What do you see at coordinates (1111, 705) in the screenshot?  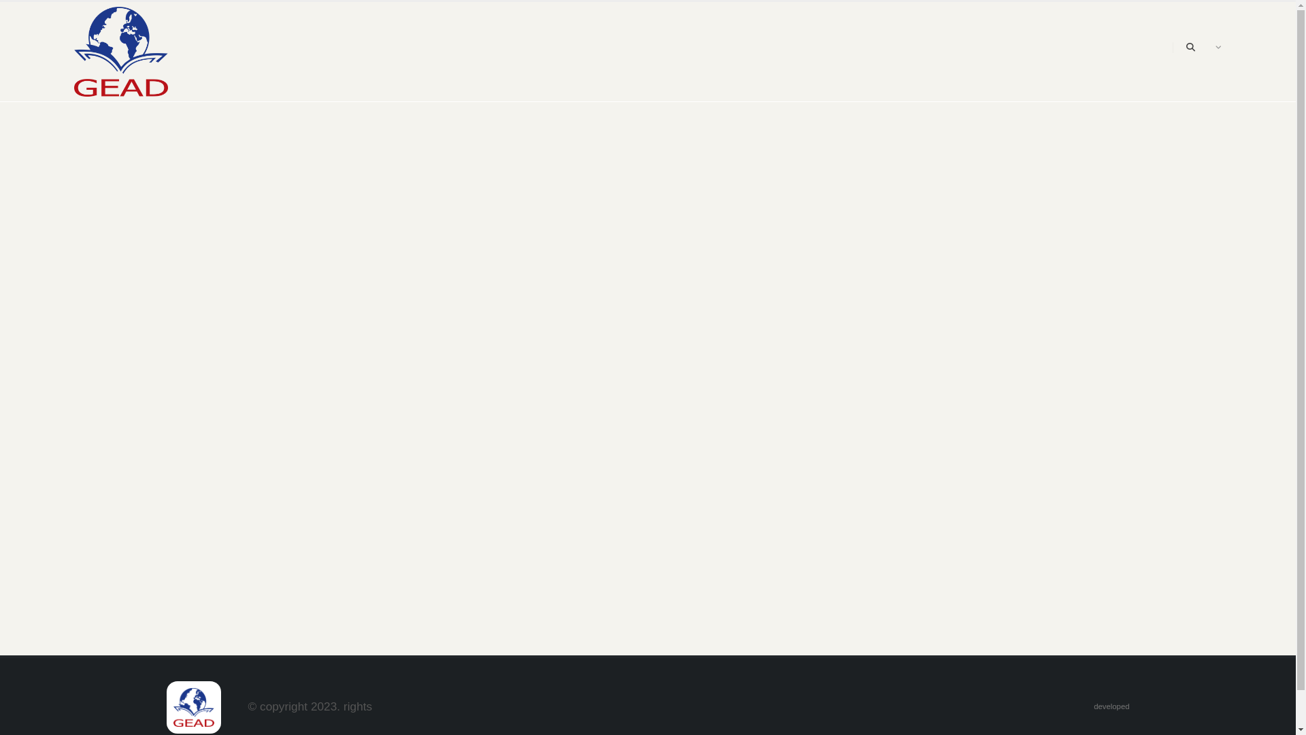 I see `'developed'` at bounding box center [1111, 705].